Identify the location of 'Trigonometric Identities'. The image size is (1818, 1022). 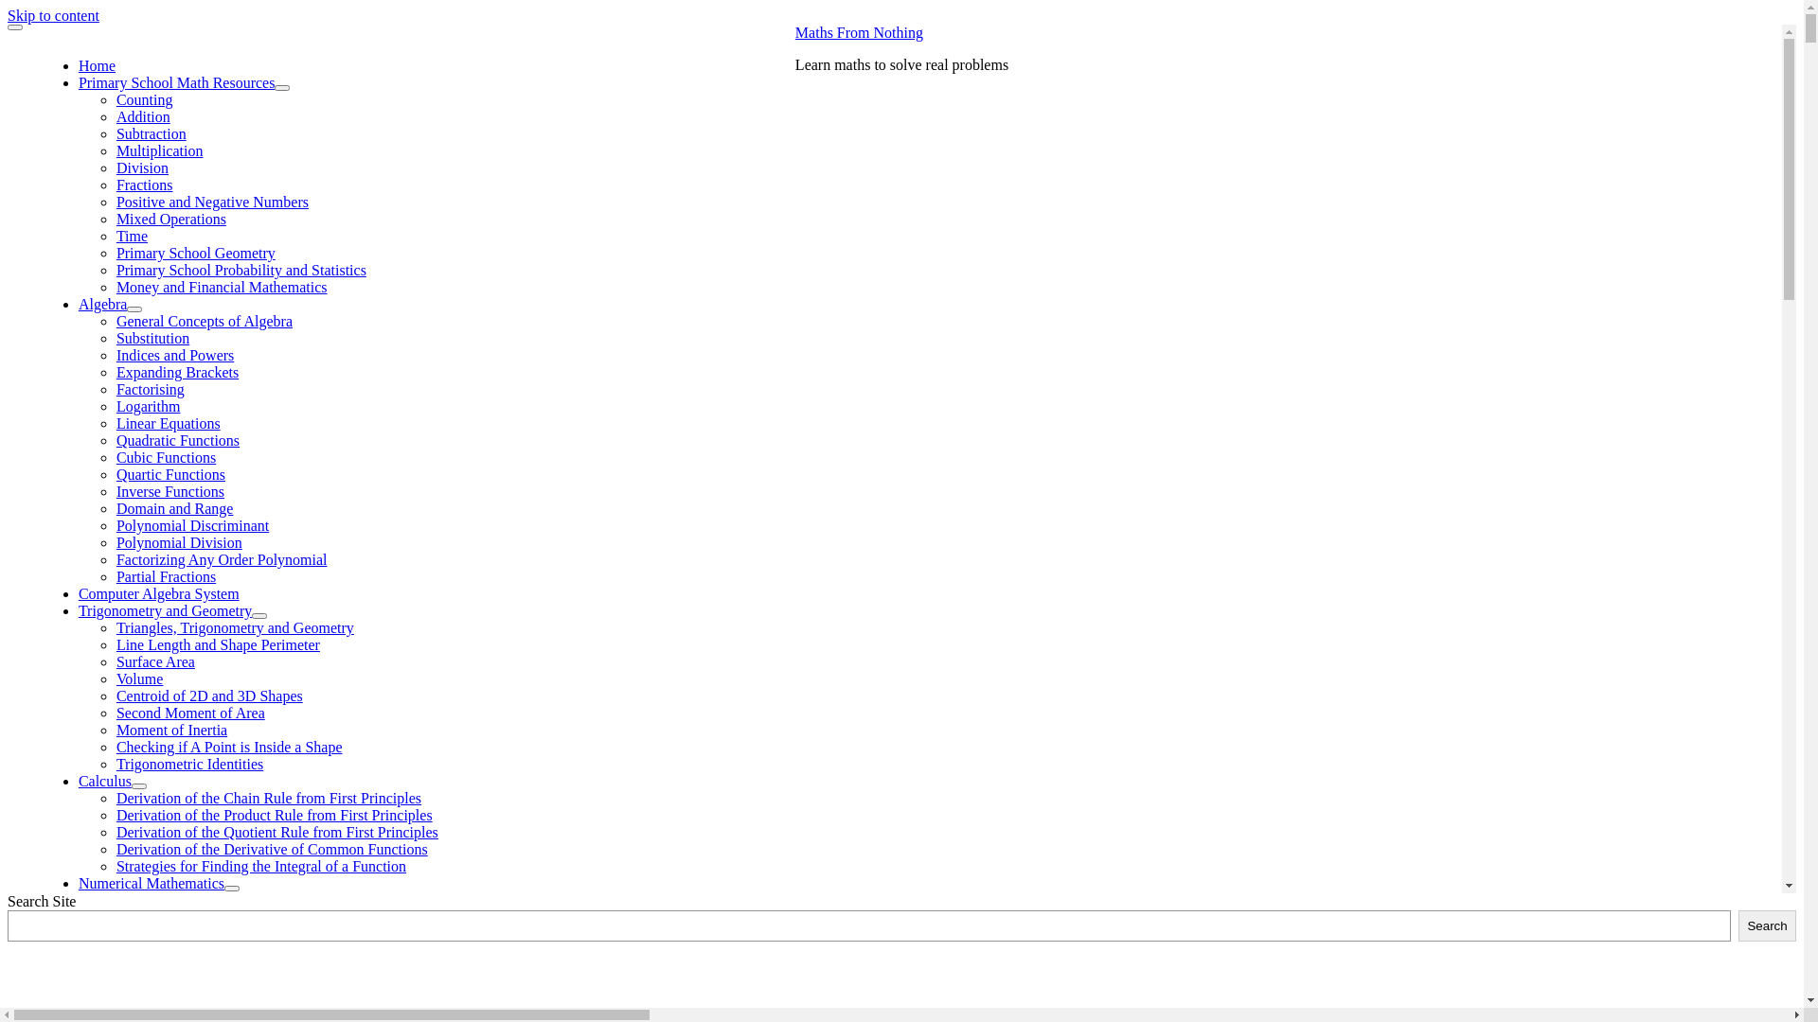
(189, 763).